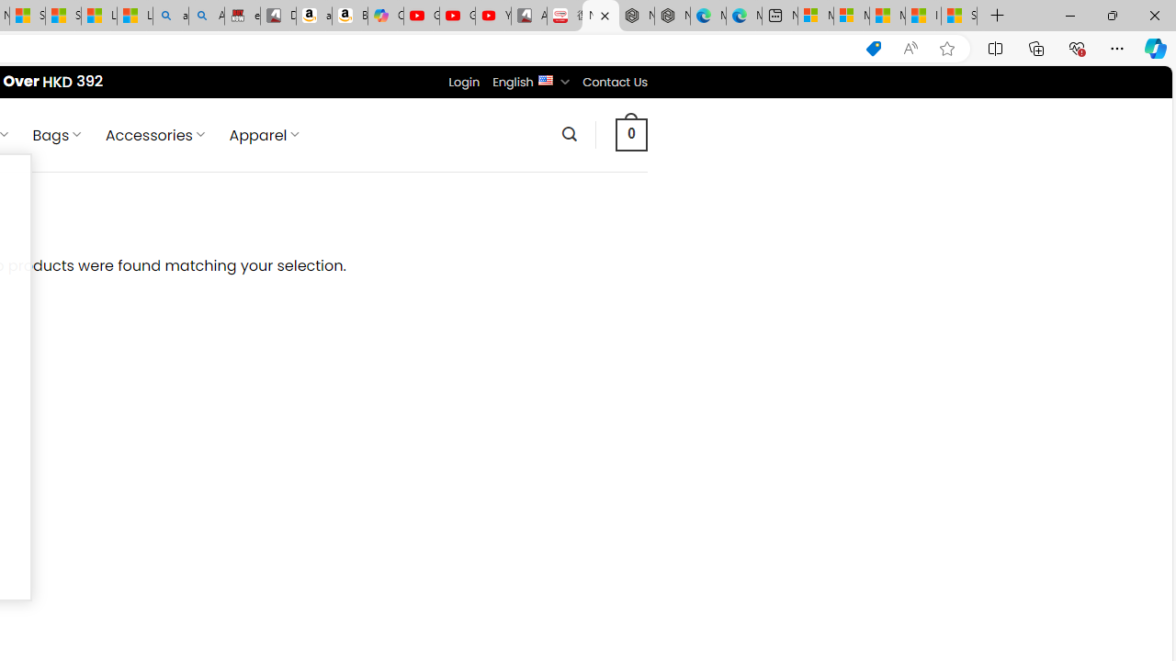  Describe the element at coordinates (1116, 47) in the screenshot. I see `'Settings and more (Alt+F)'` at that location.